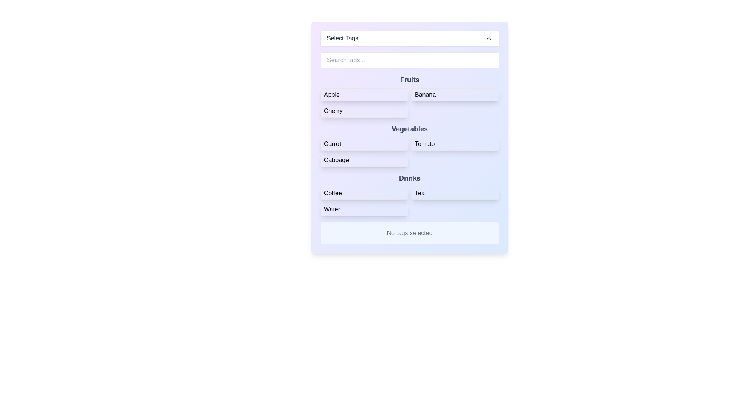  I want to click on the text label 'Carrot' within the rounded border button in the 'Vegetables' category, so click(332, 144).